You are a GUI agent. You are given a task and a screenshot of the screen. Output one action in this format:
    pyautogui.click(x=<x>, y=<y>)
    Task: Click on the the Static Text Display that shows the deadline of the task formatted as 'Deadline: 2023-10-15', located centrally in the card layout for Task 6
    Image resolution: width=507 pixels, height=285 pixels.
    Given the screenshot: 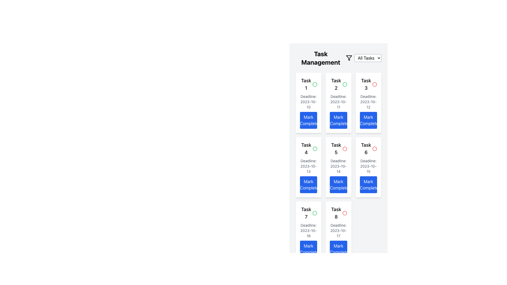 What is the action you would take?
    pyautogui.click(x=368, y=166)
    